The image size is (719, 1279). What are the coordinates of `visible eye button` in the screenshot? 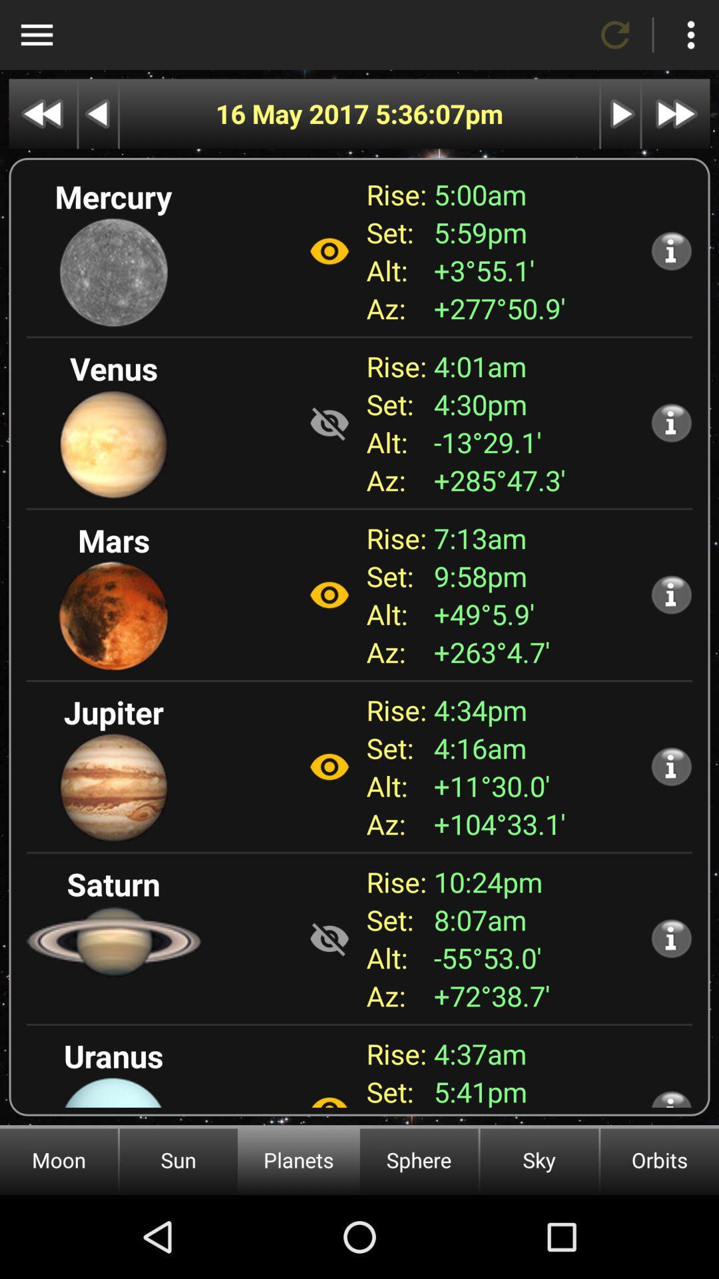 It's located at (329, 767).